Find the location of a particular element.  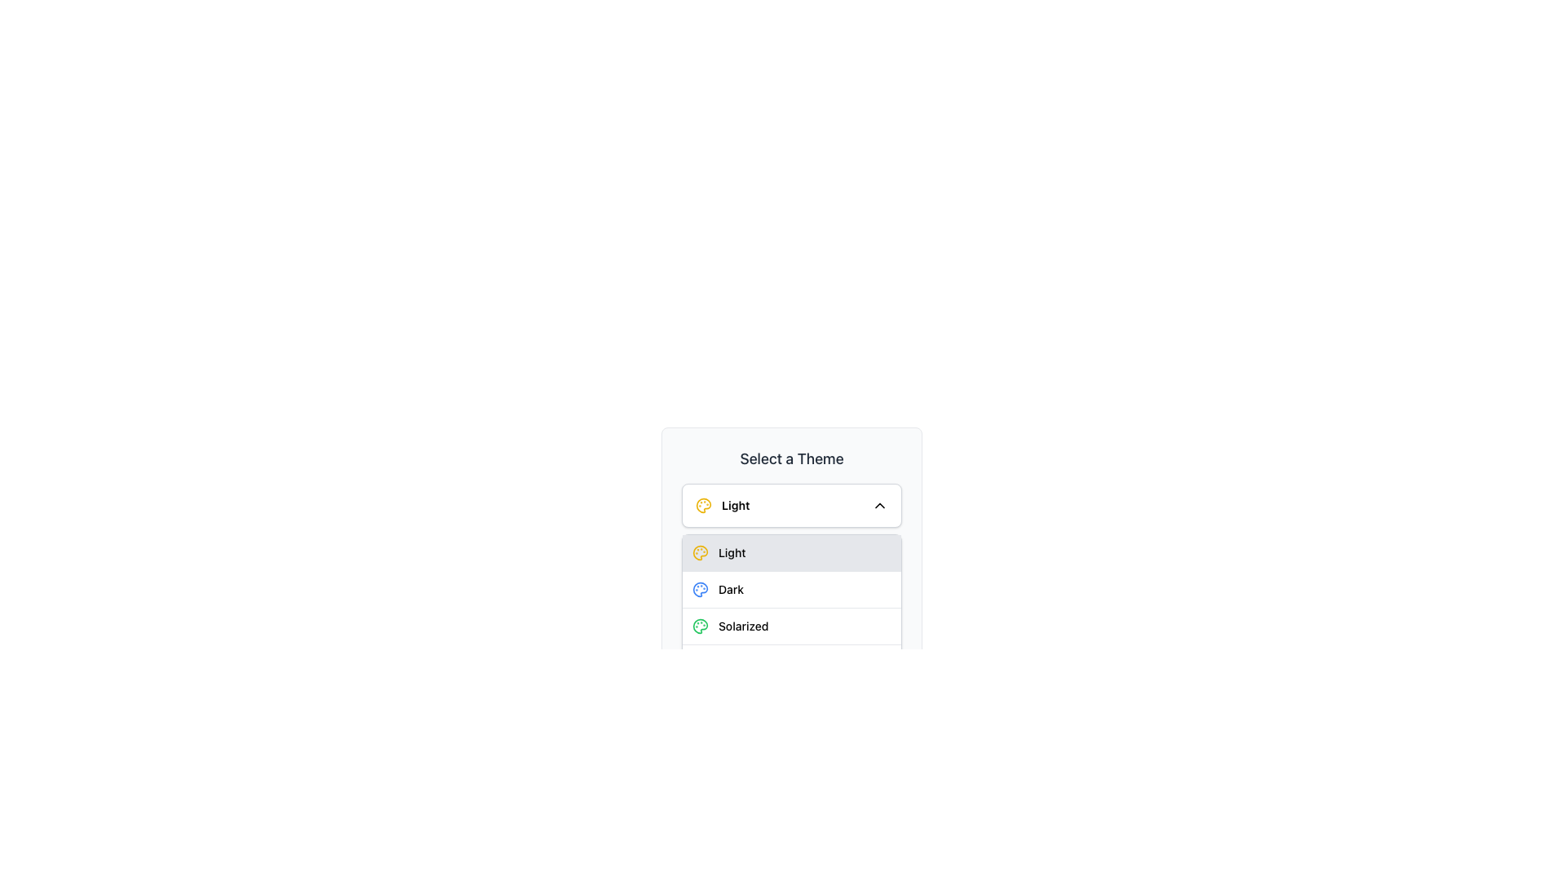

the 'Solarized' theme option from the list, which is the third item positioned below 'Light' and 'Dark', and above 'Monokai' is located at coordinates (791, 625).